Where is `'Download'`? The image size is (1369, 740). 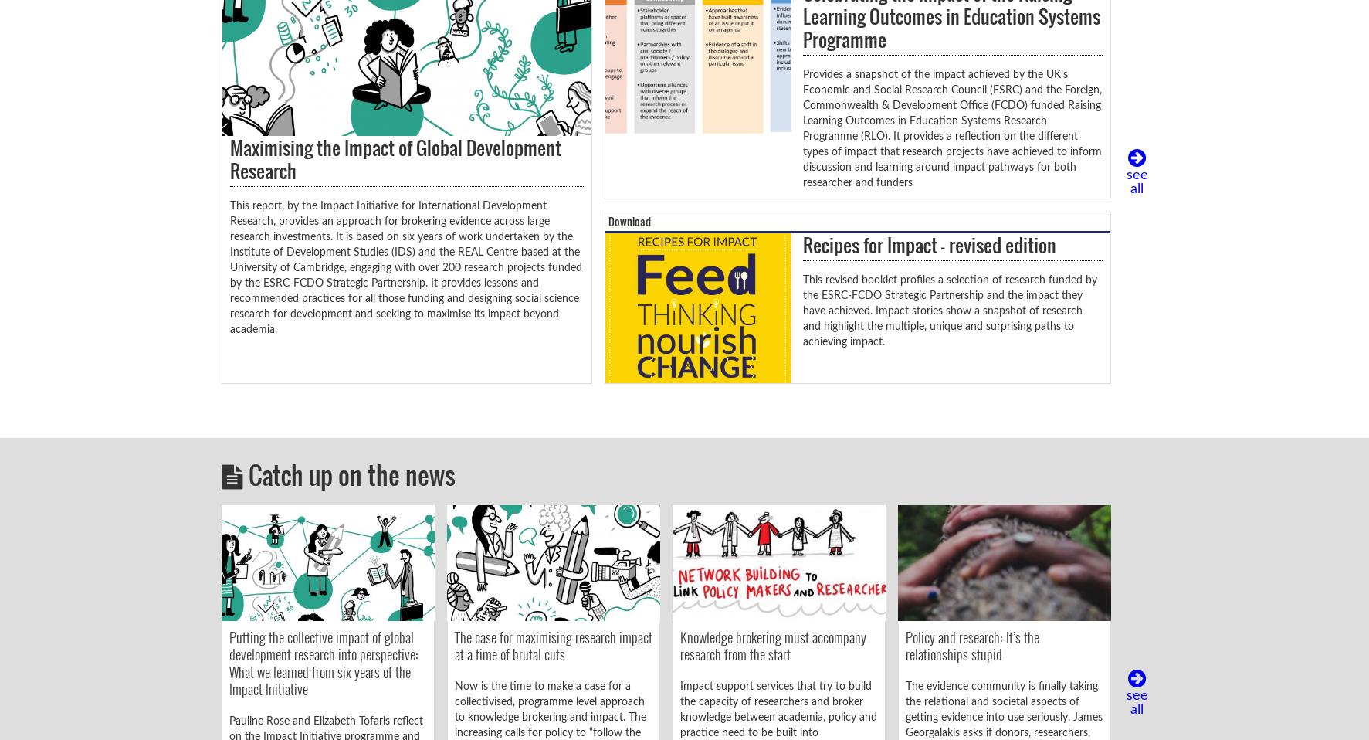 'Download' is located at coordinates (628, 221).